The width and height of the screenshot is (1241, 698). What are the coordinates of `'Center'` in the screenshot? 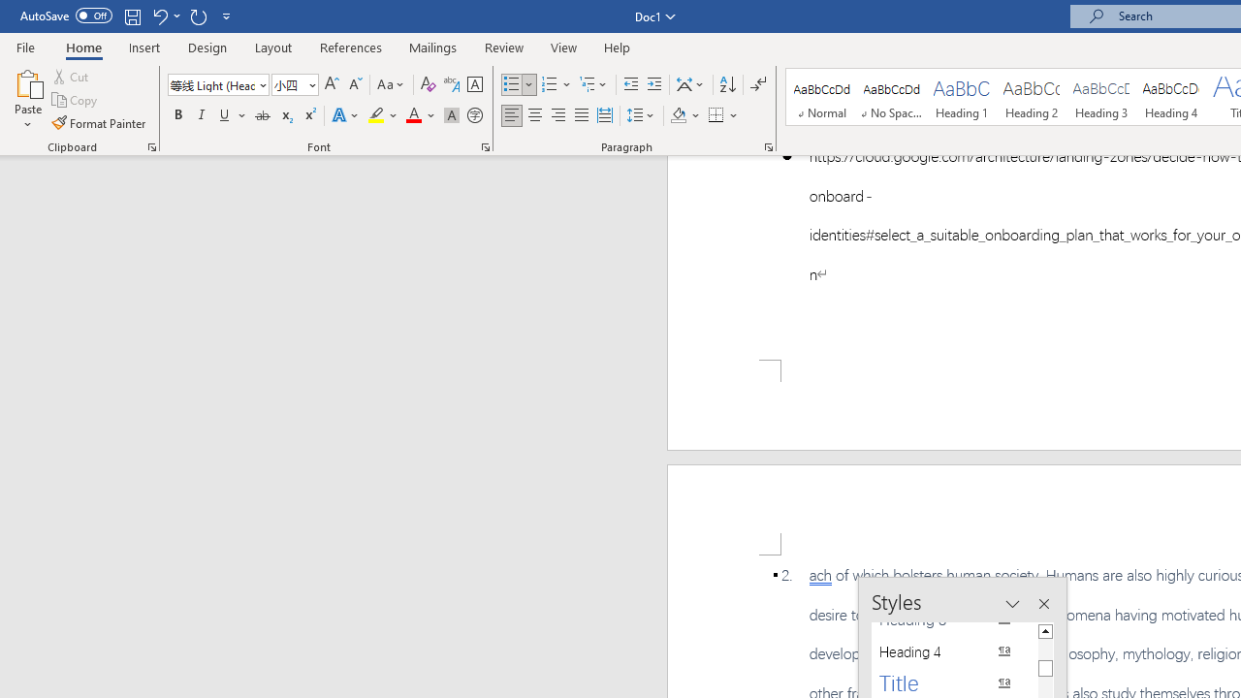 It's located at (535, 115).